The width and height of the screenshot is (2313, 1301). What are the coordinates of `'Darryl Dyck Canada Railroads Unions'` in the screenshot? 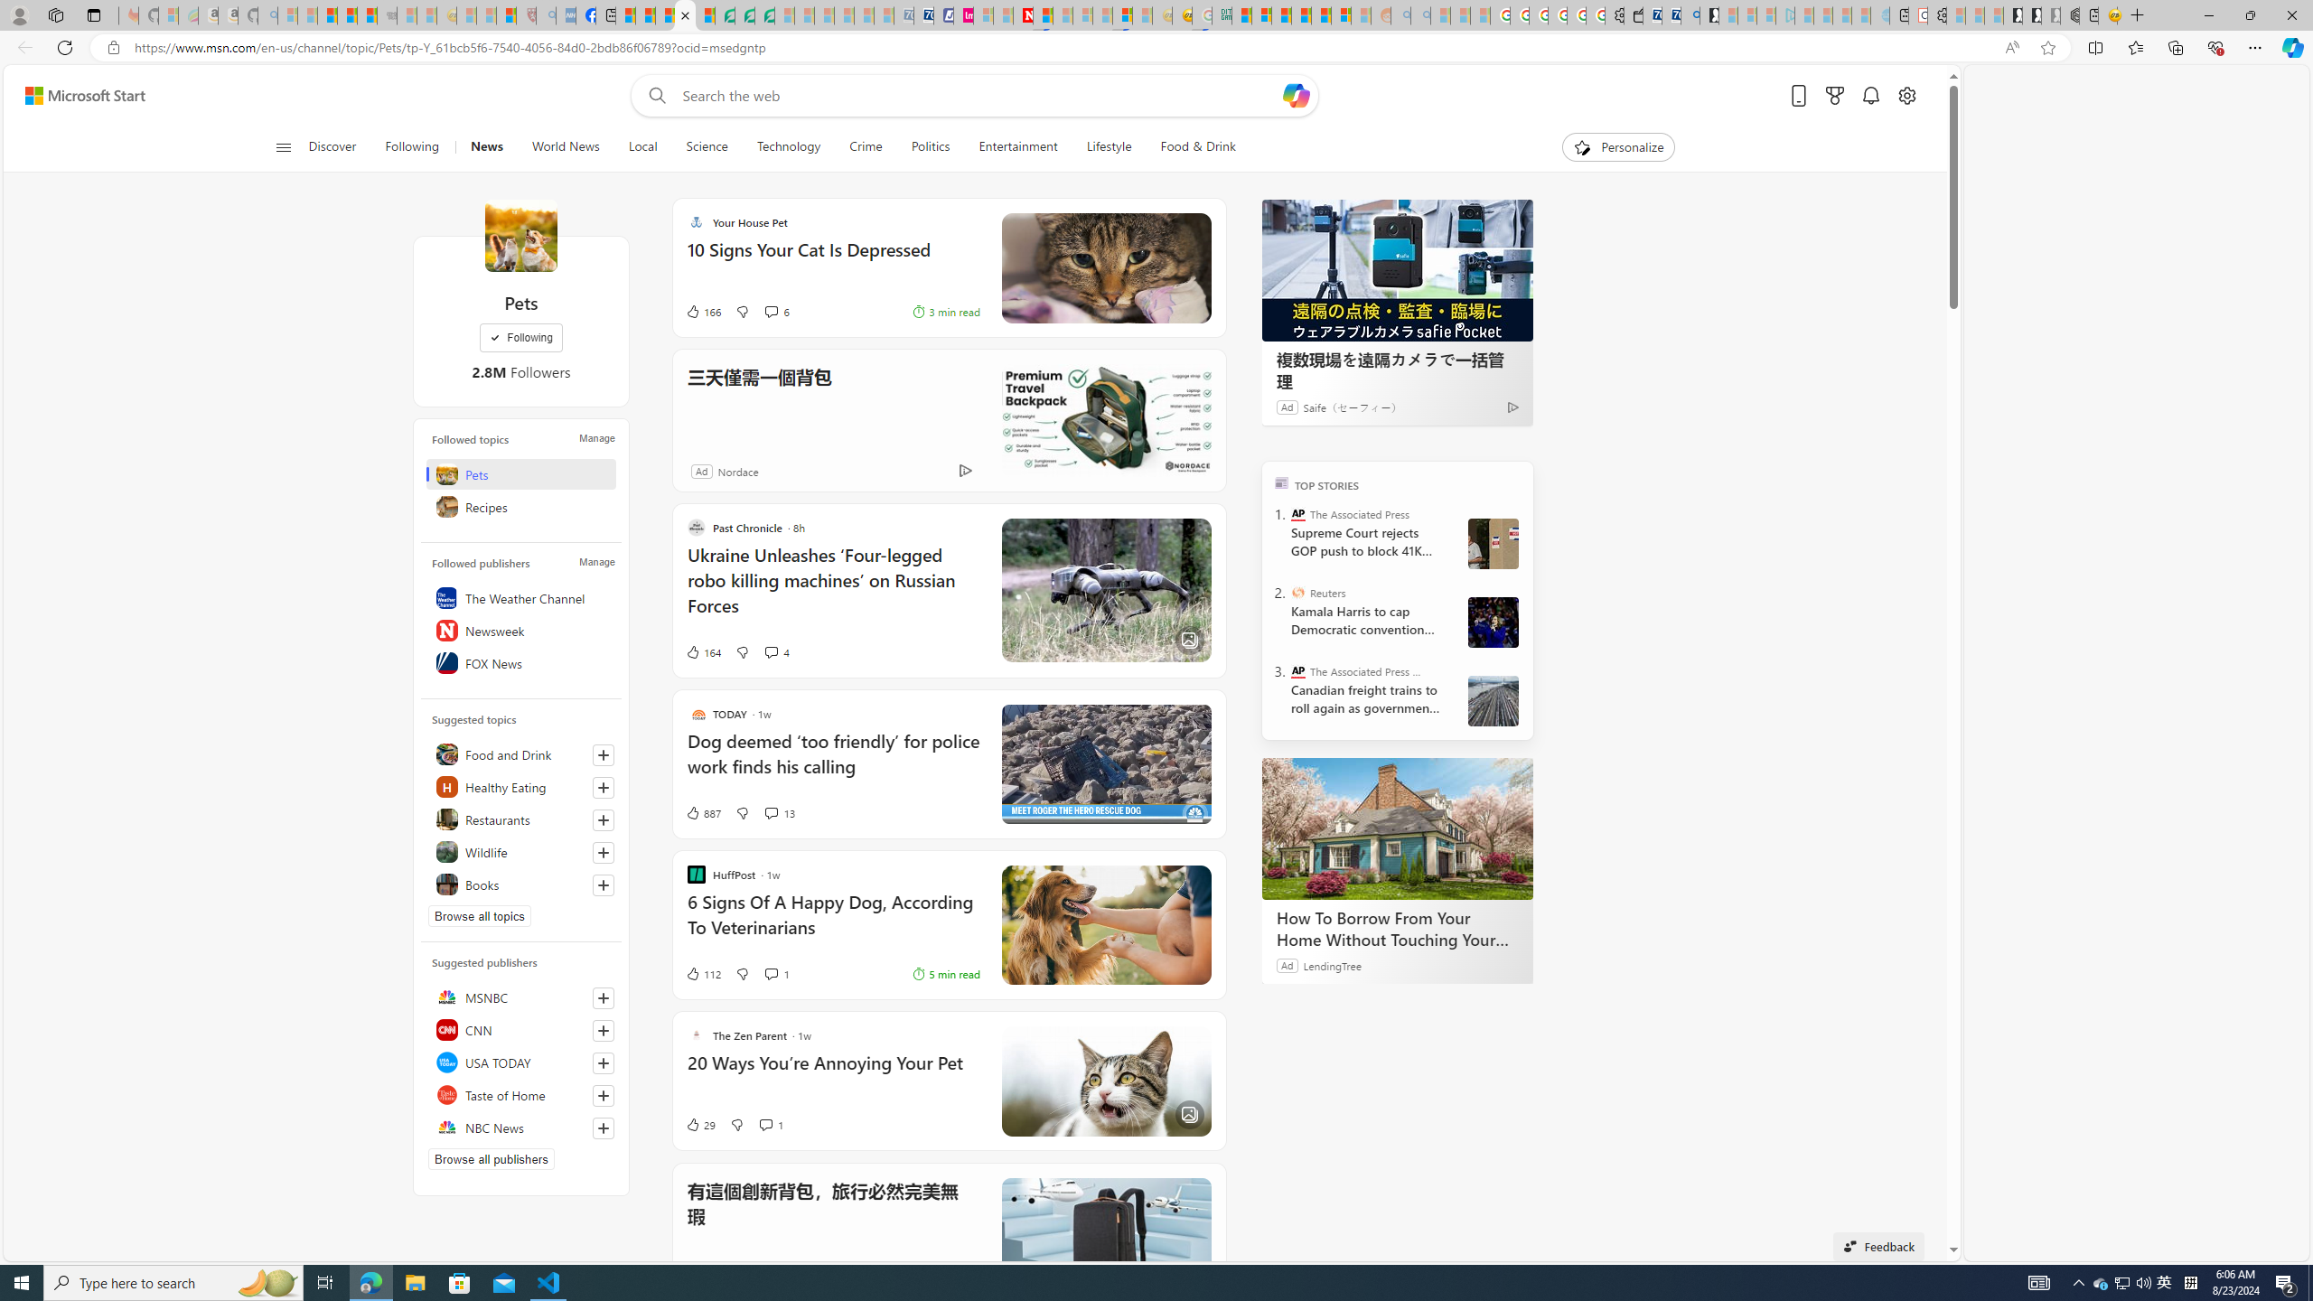 It's located at (1493, 699).